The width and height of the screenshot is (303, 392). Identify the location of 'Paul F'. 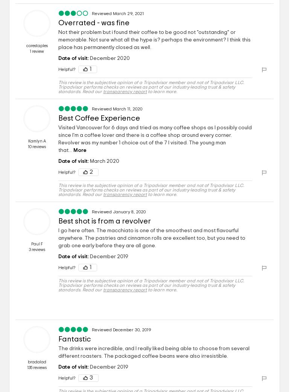
(30, 243).